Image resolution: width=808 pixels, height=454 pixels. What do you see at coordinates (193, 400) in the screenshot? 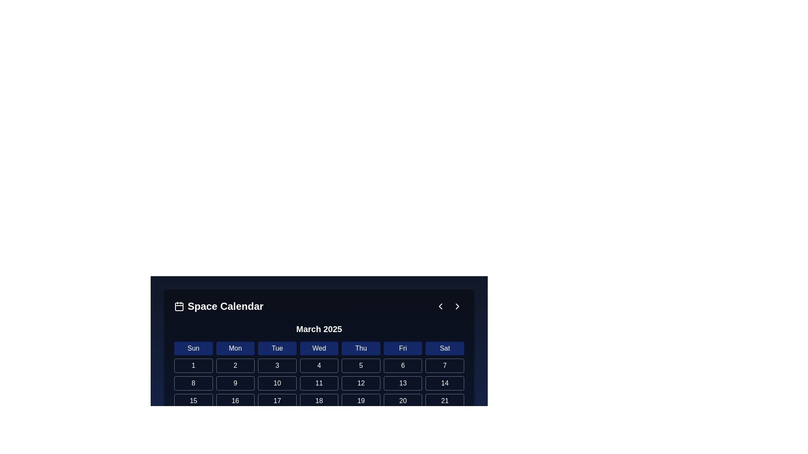
I see `the Calendar Day Box representing the 15th day of the month in the 'Space Calendar' widget` at bounding box center [193, 400].